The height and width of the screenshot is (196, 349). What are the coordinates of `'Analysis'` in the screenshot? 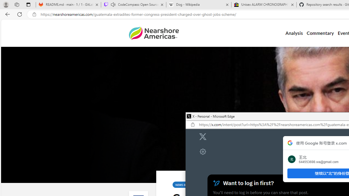 It's located at (294, 33).